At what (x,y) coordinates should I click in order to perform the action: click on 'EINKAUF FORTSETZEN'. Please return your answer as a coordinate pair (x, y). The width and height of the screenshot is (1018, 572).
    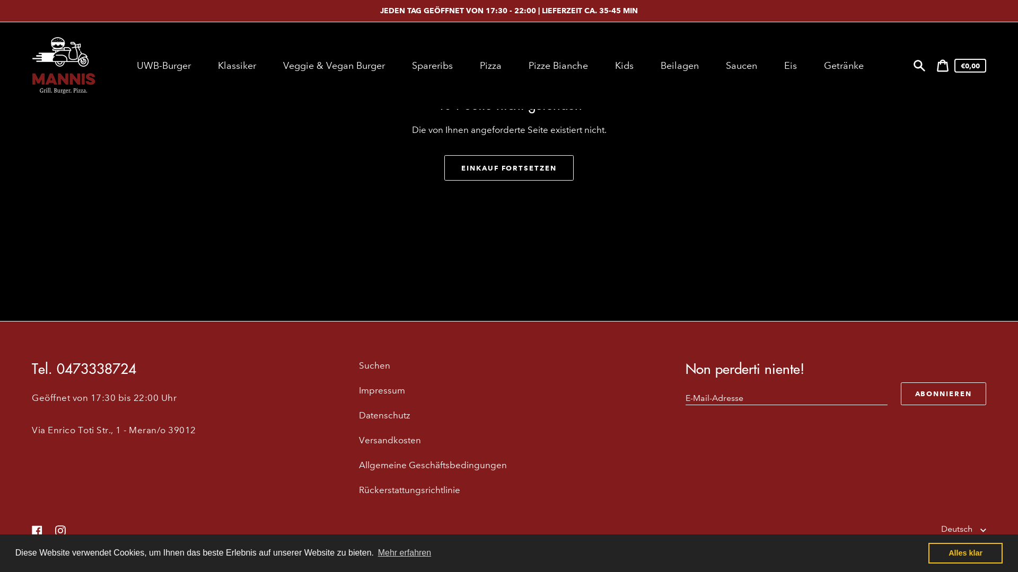
    Looking at the image, I should click on (509, 167).